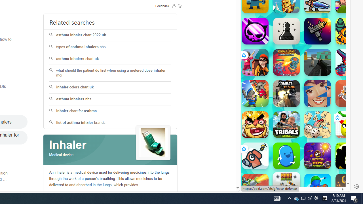  I want to click on 'list of asthma inhaler brands', so click(110, 123).